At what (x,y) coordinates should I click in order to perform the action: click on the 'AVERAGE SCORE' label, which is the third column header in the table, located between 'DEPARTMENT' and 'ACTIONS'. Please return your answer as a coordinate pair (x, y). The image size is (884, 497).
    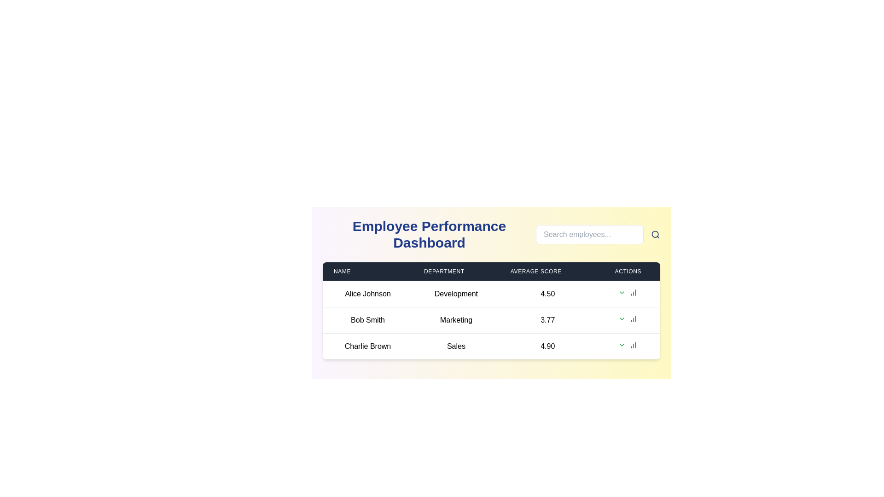
    Looking at the image, I should click on (547, 271).